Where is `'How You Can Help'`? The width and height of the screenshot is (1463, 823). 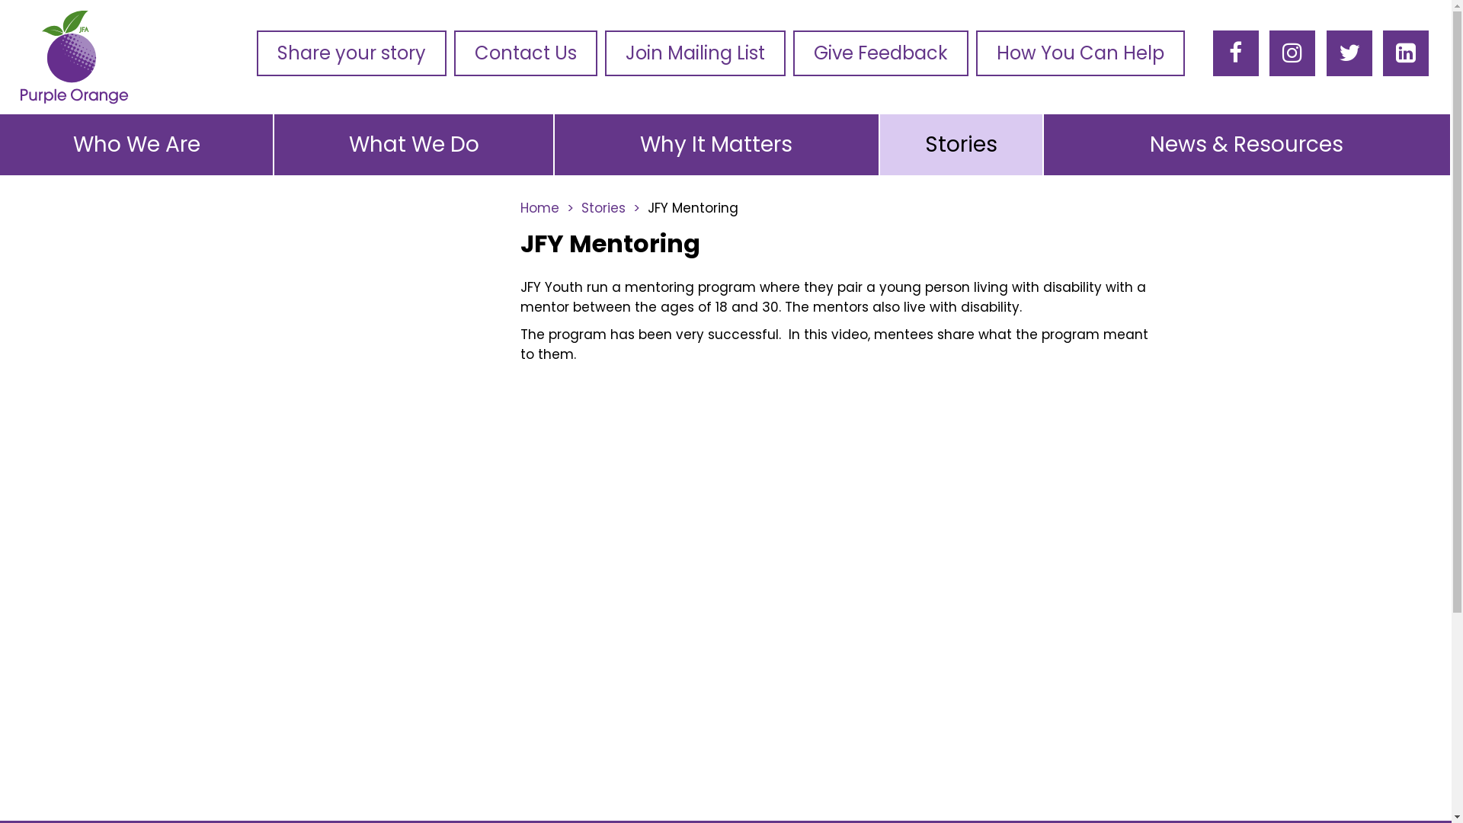 'How You Can Help' is located at coordinates (1079, 52).